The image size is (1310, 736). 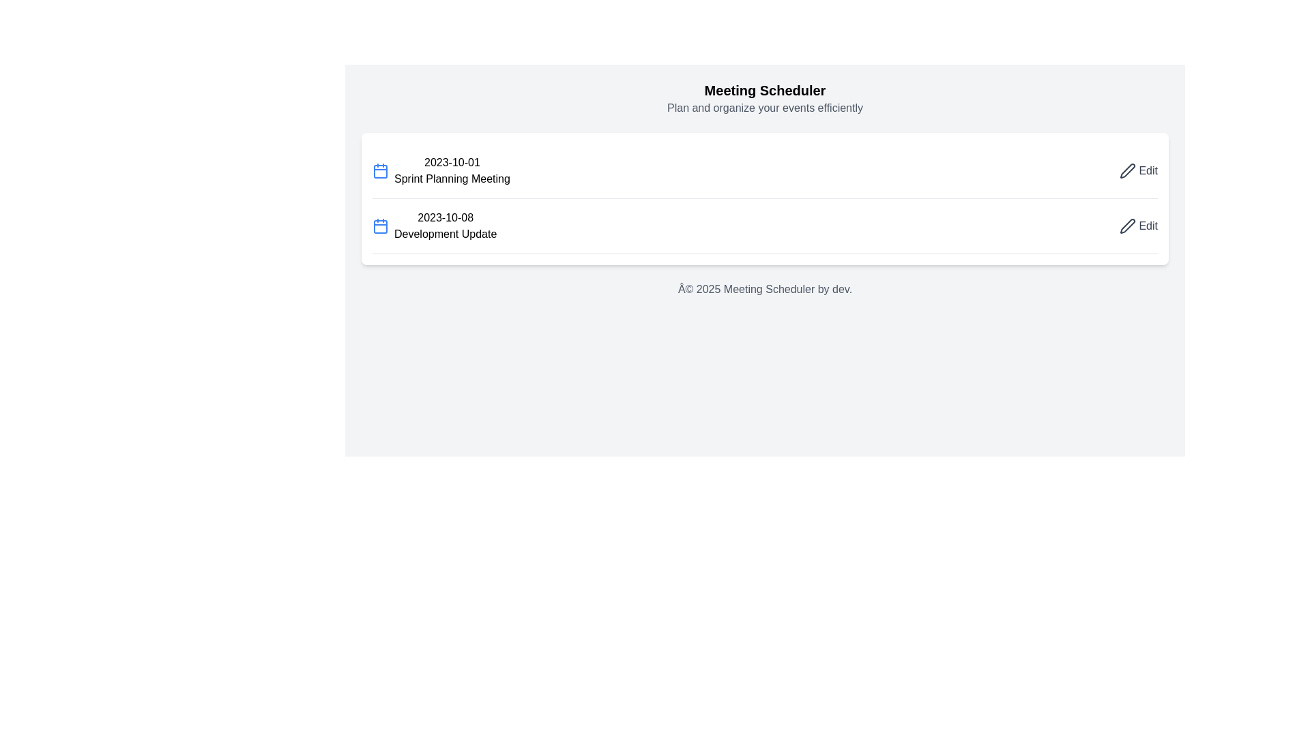 I want to click on the text element displaying 'Sprint Planning Meeting', which is positioned below the '2023-10-01' date entry in the scheduling interface, so click(x=452, y=178).